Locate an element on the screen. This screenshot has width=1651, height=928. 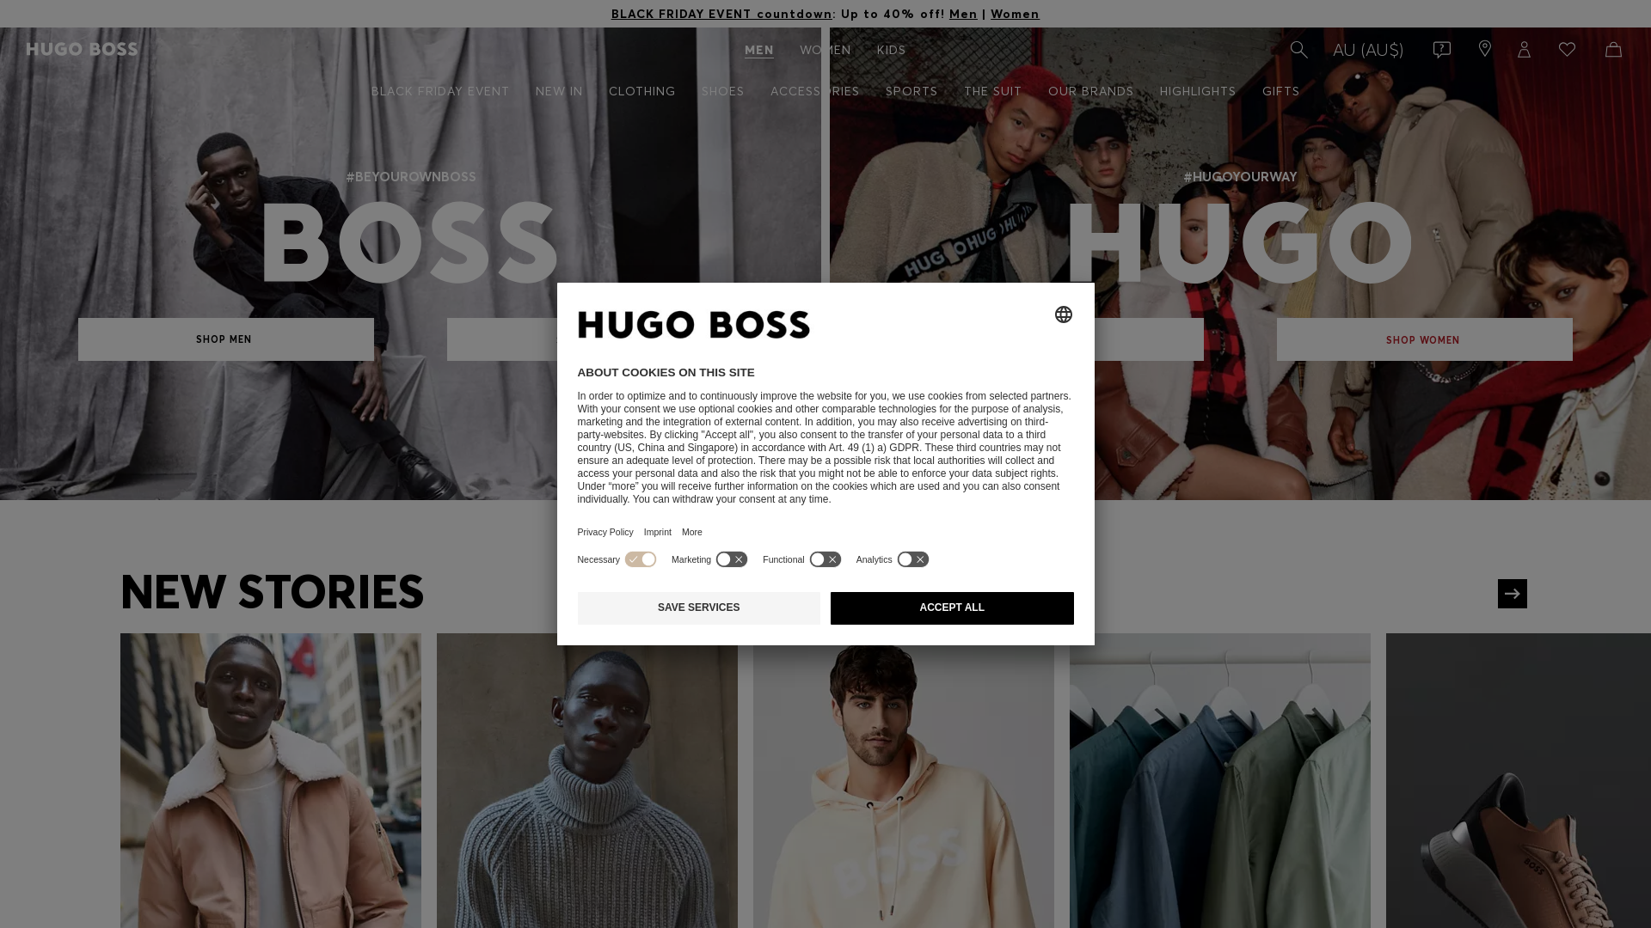
'Search Men's' is located at coordinates (1297, 48).